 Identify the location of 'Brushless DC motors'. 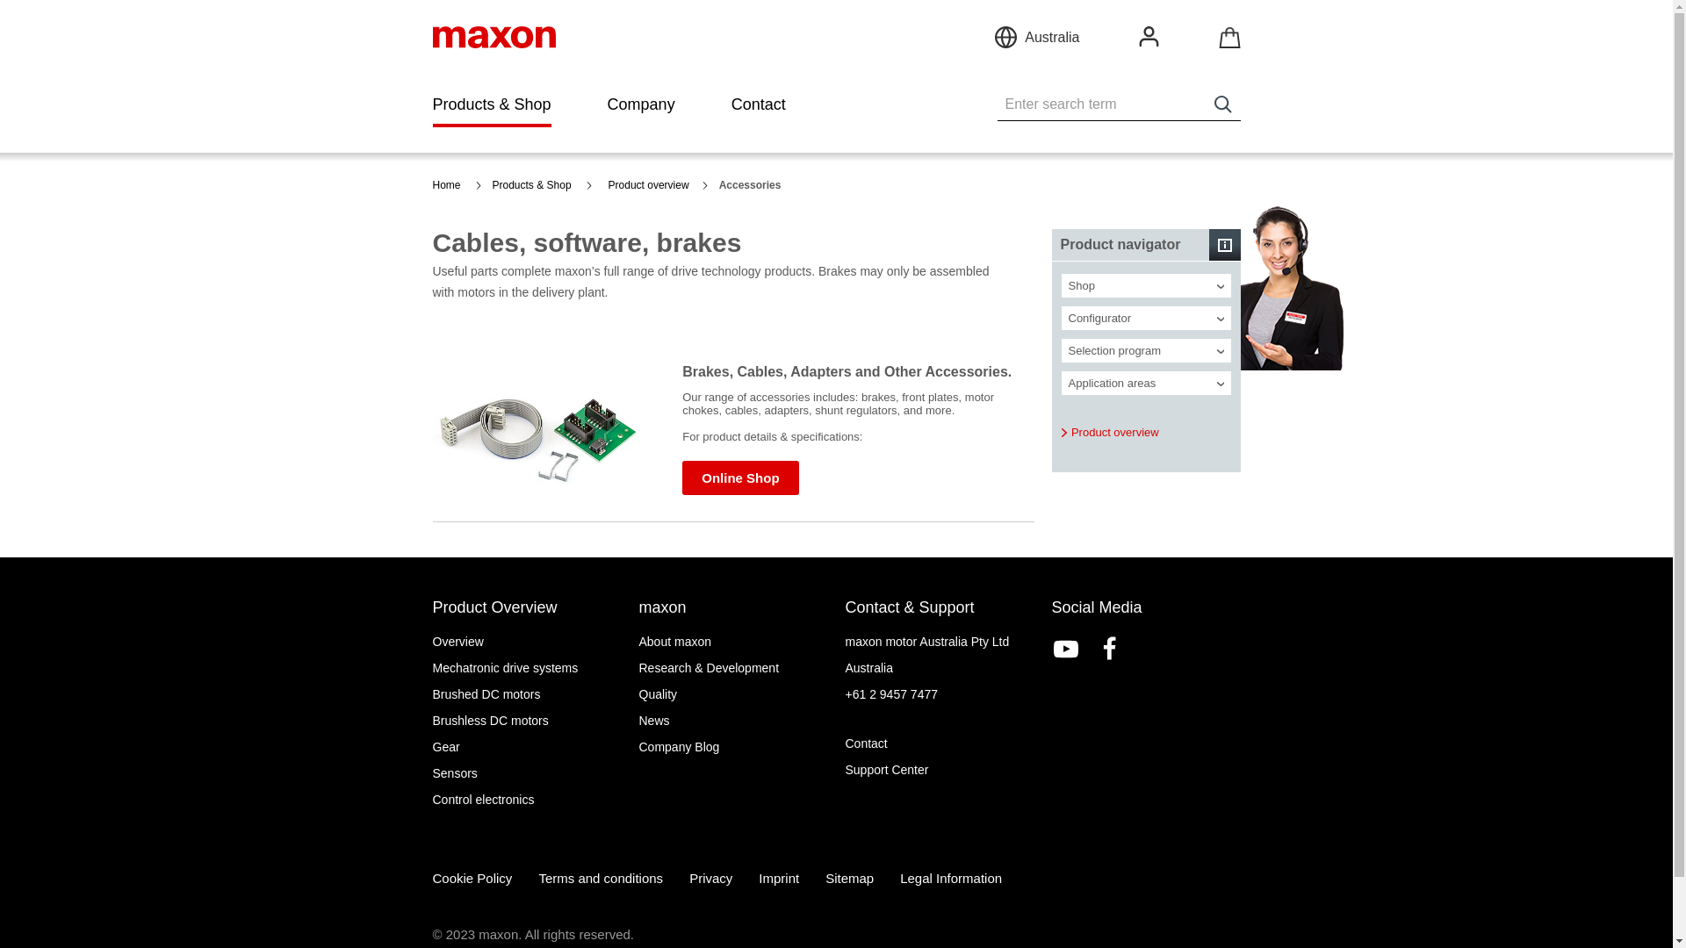
(525, 721).